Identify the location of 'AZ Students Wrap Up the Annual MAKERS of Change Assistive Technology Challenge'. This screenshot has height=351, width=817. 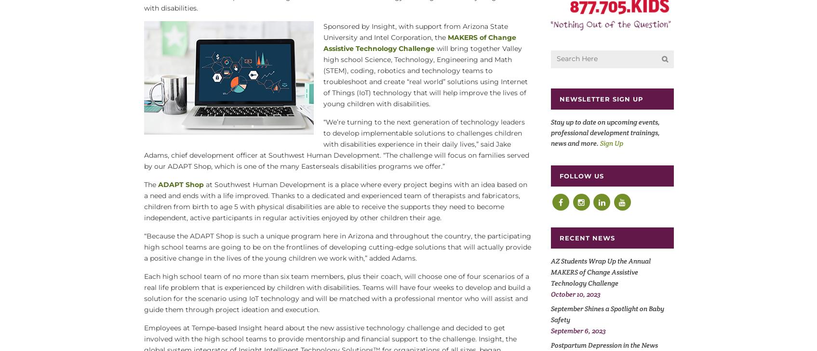
(600, 272).